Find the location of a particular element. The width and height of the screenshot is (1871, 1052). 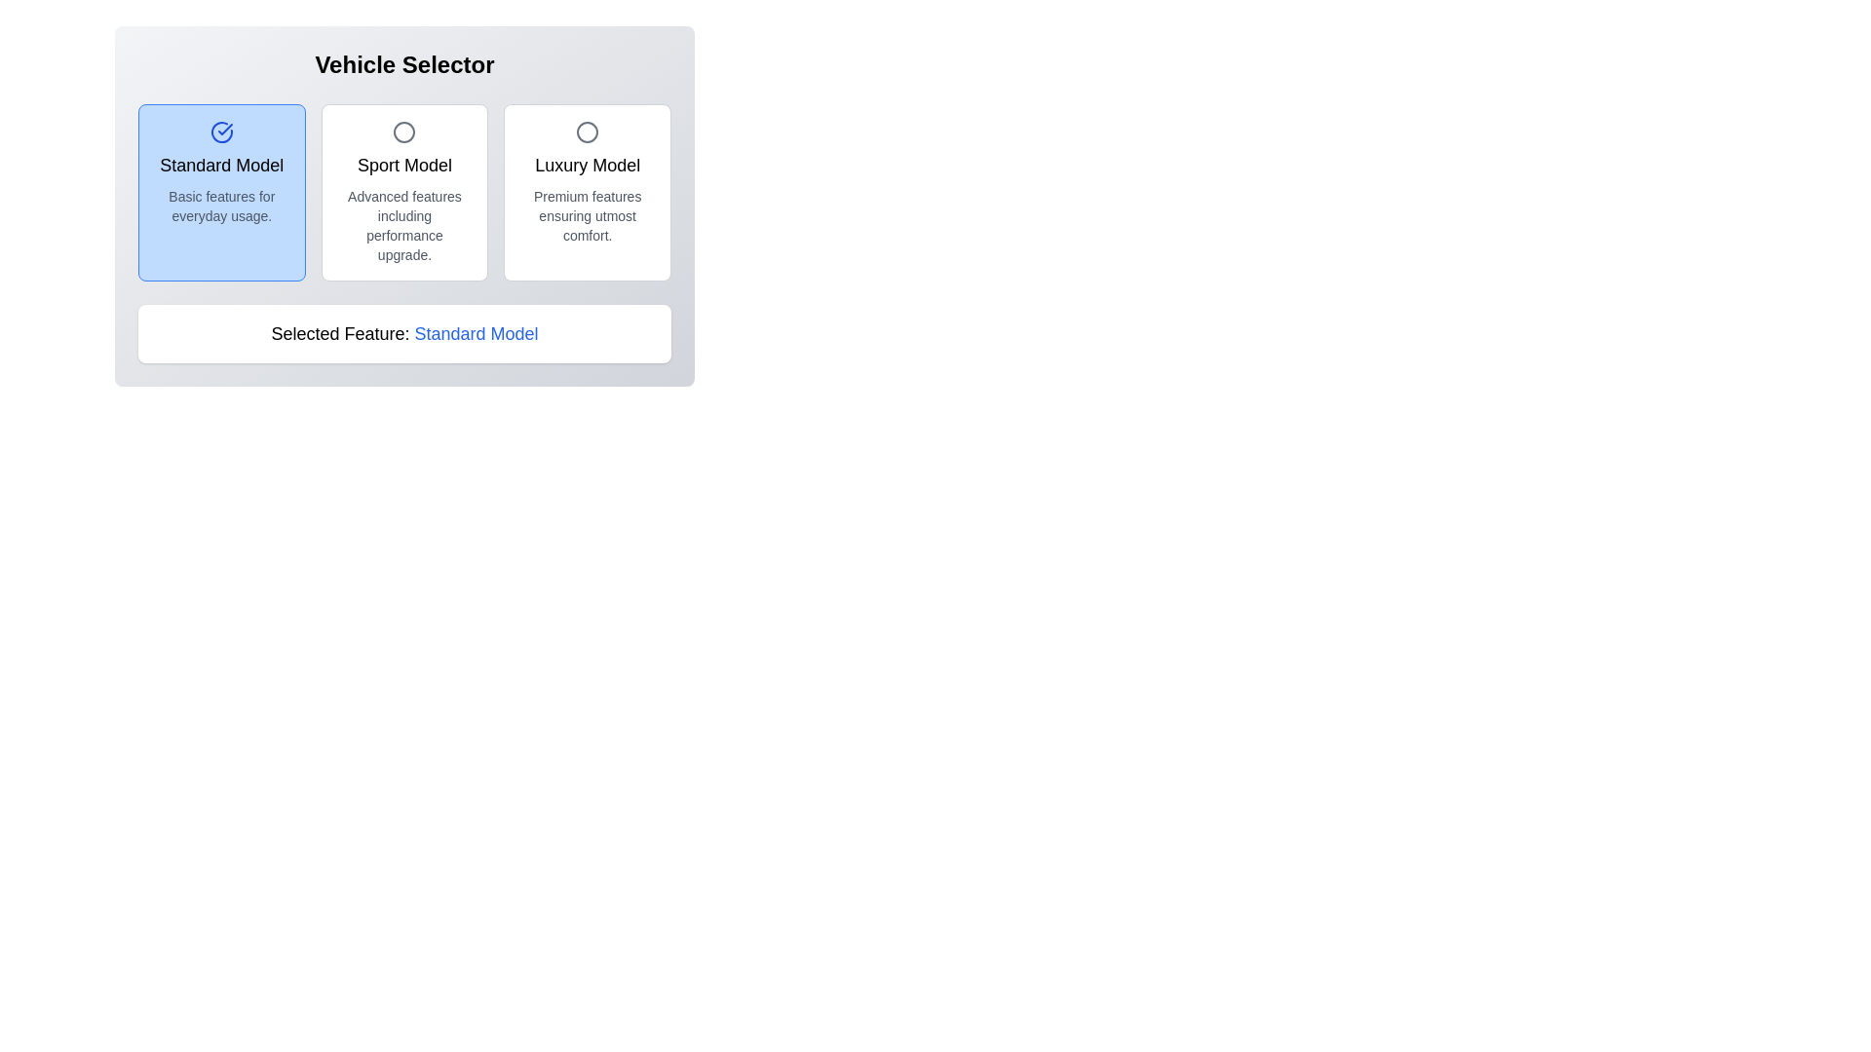

the filled circle inside the outlined square icon of the 'Luxury Model' card, which is the third card in the row under the 'Vehicle Selector' label is located at coordinates (587, 131).